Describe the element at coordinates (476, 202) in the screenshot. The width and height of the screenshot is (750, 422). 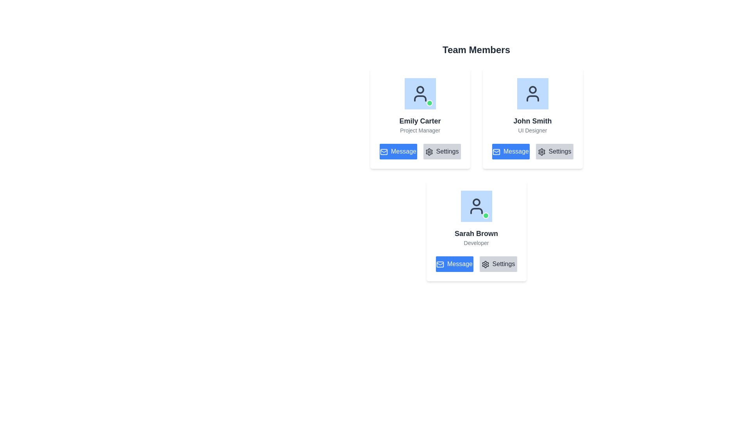
I see `the Circular SVG graphic located atop the user profile icon for 'Sarah Brown, Developer' at the bottom-center of the layout` at that location.